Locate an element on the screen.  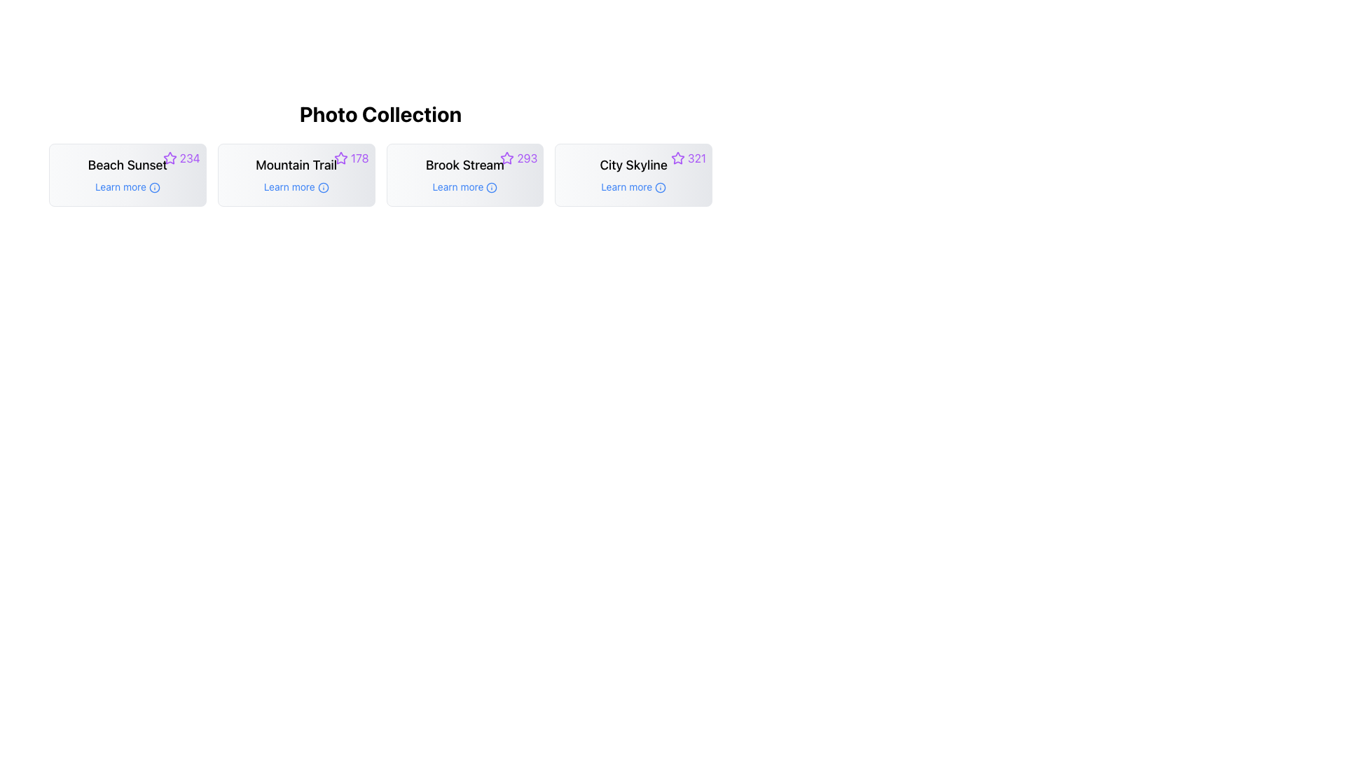
the composite element containing the heading 'Beach Sunset' and the hyperlink 'Learn more', which is the leftmost card in the 'Photo Collection' section is located at coordinates (127, 175).